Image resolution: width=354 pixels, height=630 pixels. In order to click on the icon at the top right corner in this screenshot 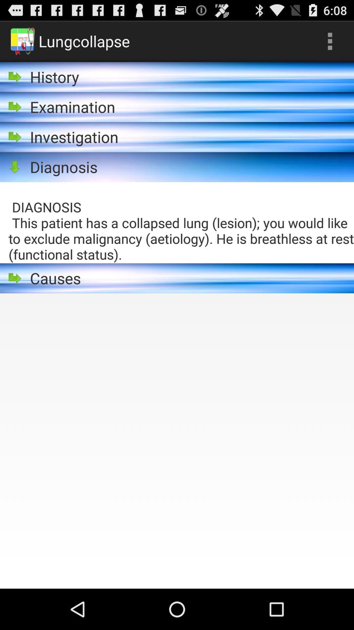, I will do `click(330, 41)`.